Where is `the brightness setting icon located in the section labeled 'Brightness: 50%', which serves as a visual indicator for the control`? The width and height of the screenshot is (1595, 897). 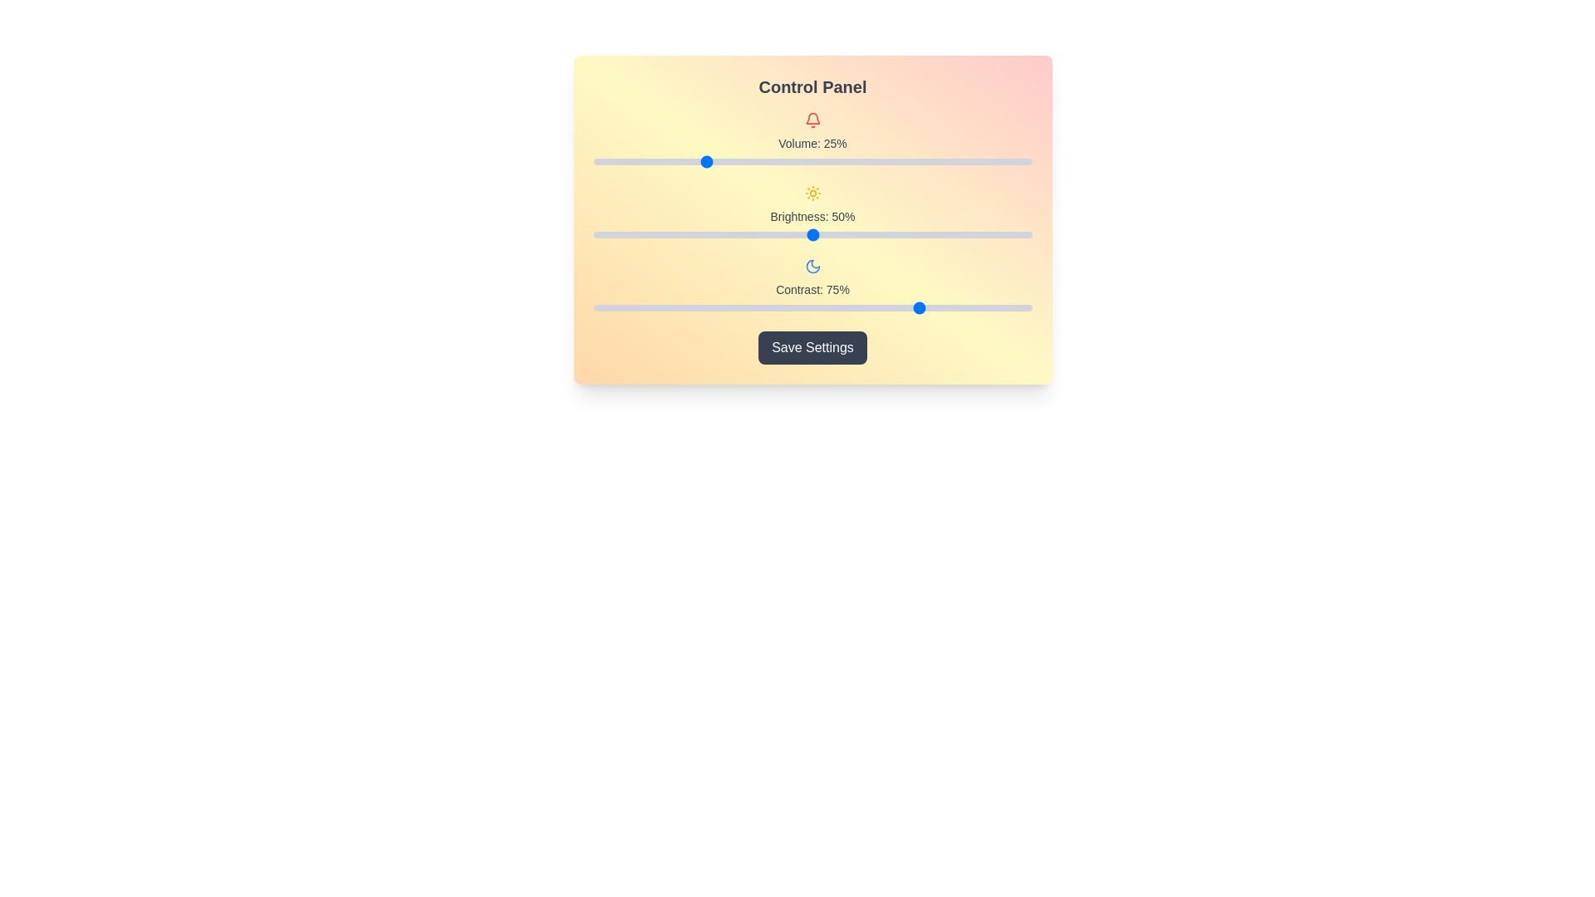
the brightness setting icon located in the section labeled 'Brightness: 50%', which serves as a visual indicator for the control is located at coordinates (812, 192).